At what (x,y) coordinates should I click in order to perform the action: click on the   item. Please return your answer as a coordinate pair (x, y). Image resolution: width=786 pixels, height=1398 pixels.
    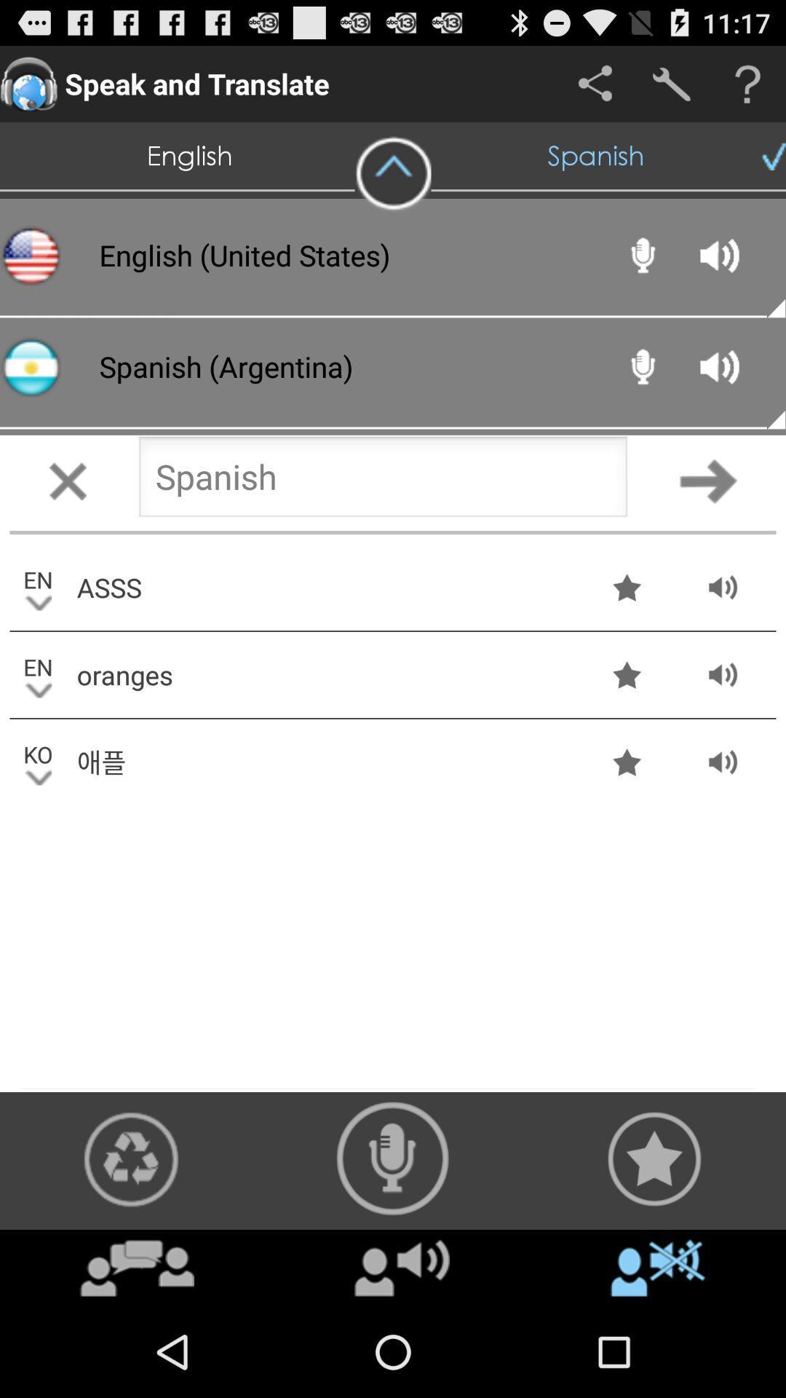
    Looking at the image, I should click on (393, 174).